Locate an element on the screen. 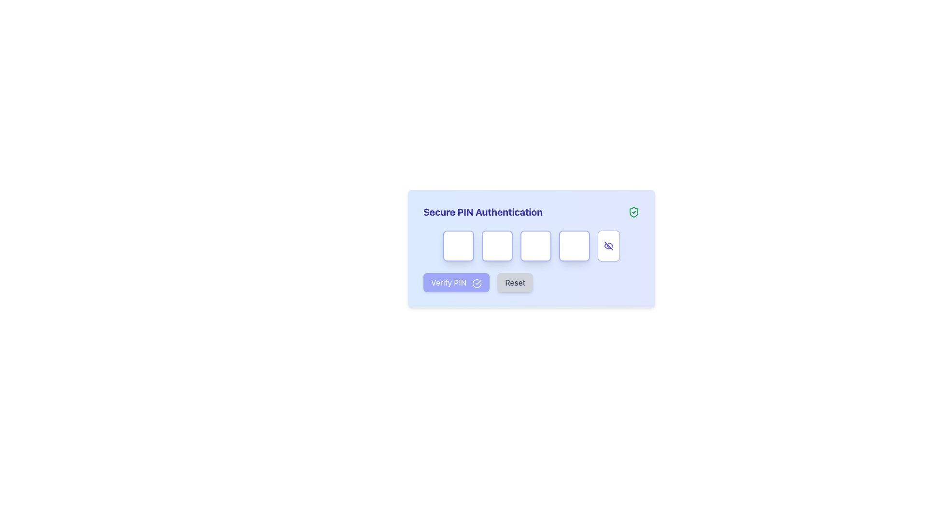  the 'Verify PIN' button located below the empty PIN input boxes to initiate the verification process is located at coordinates (456, 282).